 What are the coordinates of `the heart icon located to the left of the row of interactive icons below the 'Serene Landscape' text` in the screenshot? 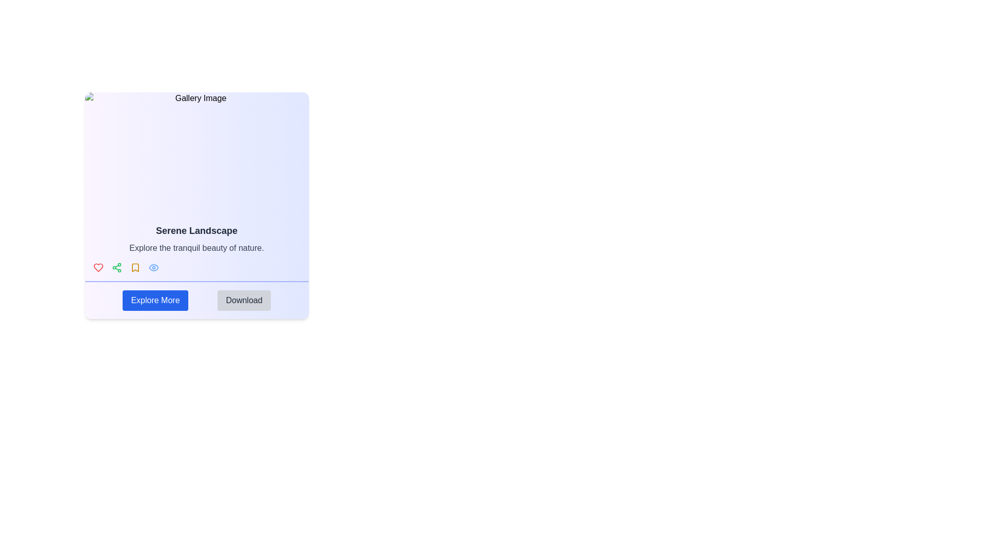 It's located at (98, 267).